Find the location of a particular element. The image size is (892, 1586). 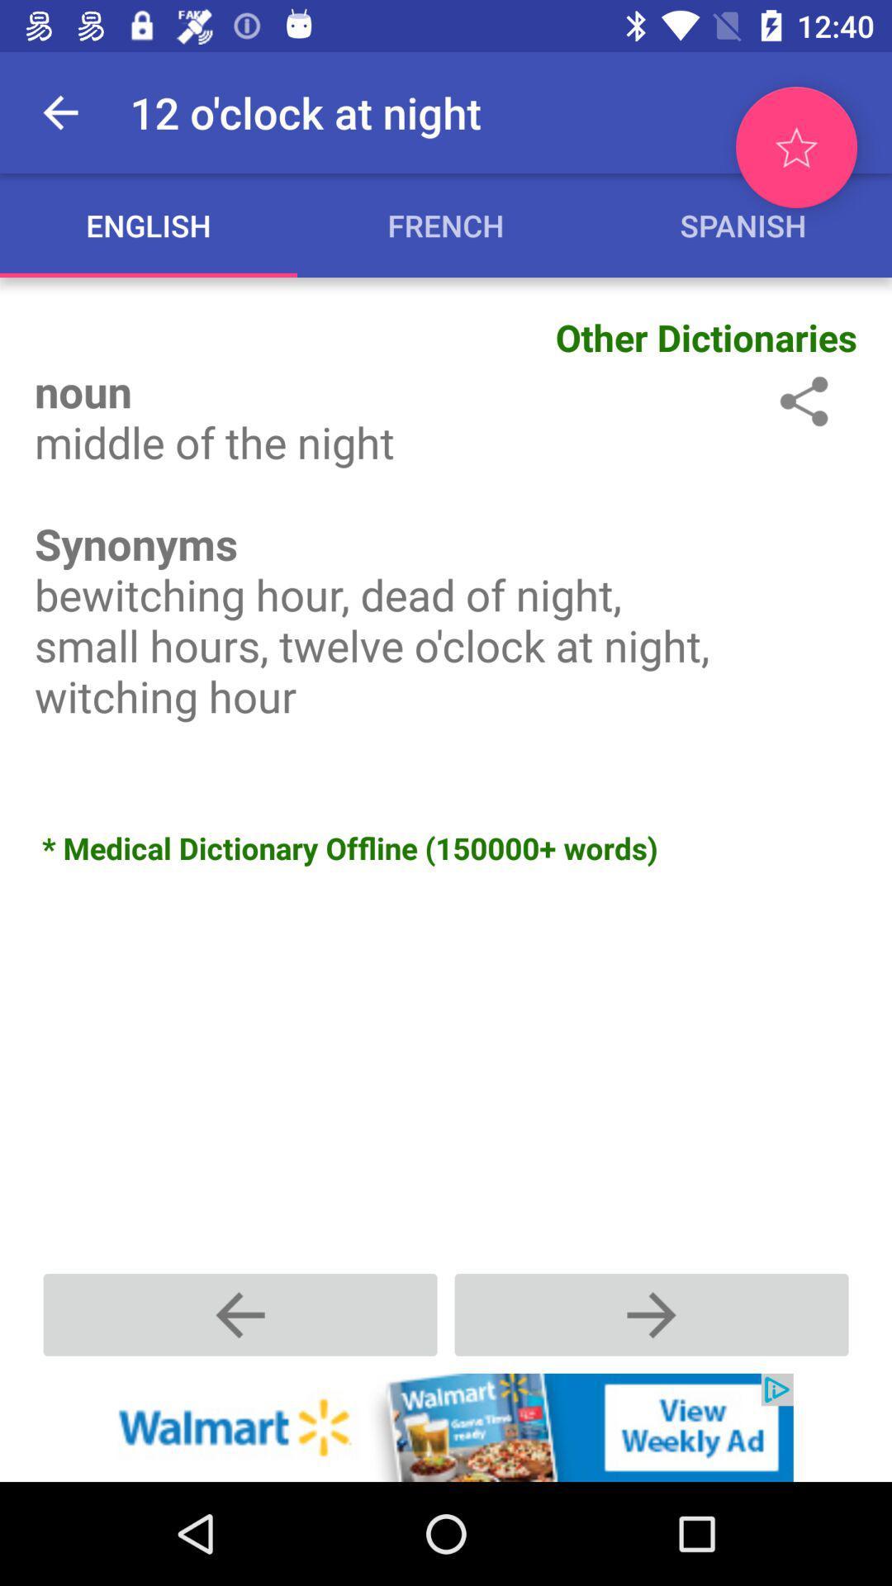

the add icon is located at coordinates (651, 1313).